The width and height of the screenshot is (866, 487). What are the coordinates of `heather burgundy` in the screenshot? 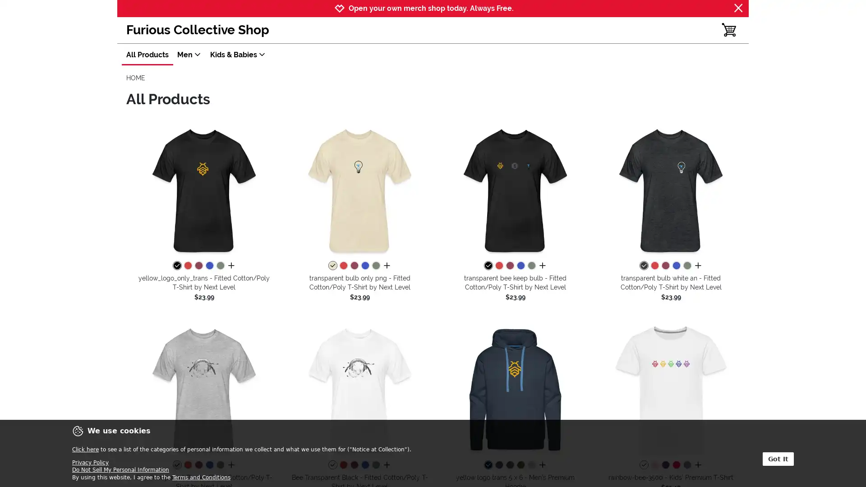 It's located at (354, 465).